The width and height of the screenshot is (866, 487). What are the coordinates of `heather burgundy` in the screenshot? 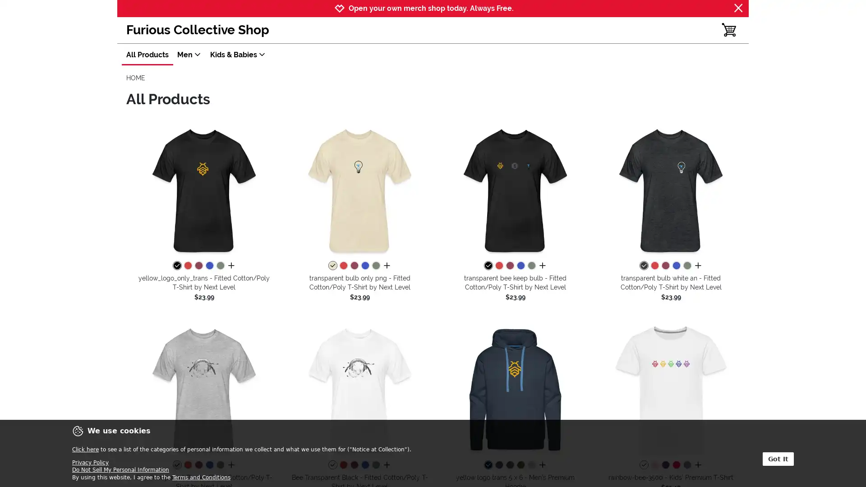 It's located at (354, 465).